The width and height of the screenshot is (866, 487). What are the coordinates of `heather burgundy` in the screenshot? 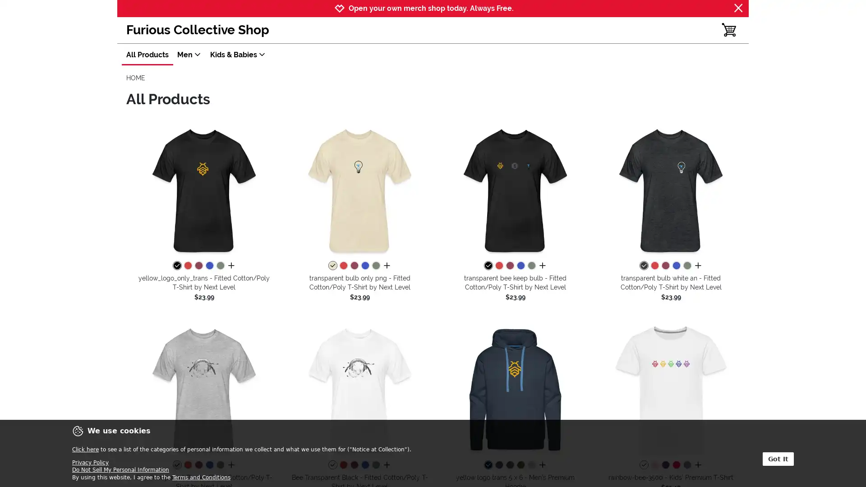 It's located at (354, 465).